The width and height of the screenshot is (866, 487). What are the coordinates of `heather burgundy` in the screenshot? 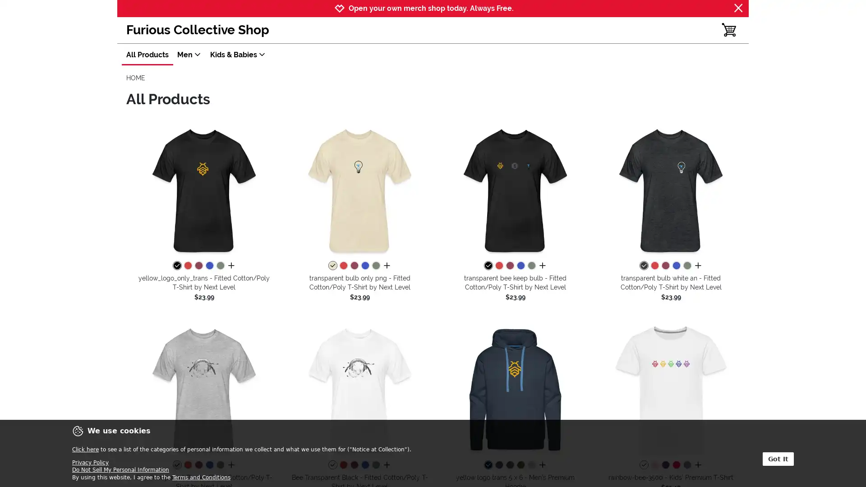 It's located at (354, 465).